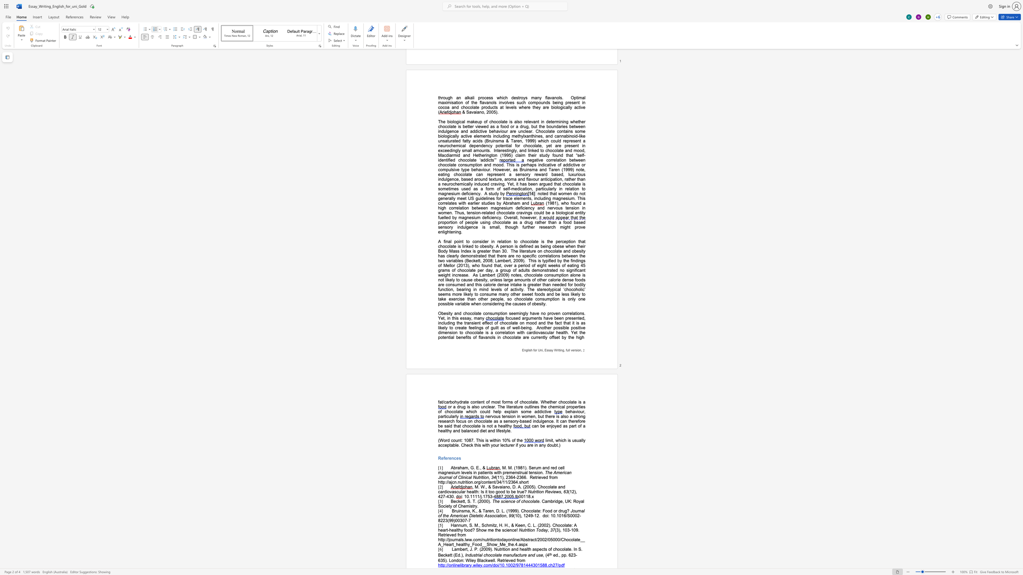 The width and height of the screenshot is (1023, 575). Describe the element at coordinates (458, 560) in the screenshot. I see `the space between the continuous character "d" and "o" in the text` at that location.